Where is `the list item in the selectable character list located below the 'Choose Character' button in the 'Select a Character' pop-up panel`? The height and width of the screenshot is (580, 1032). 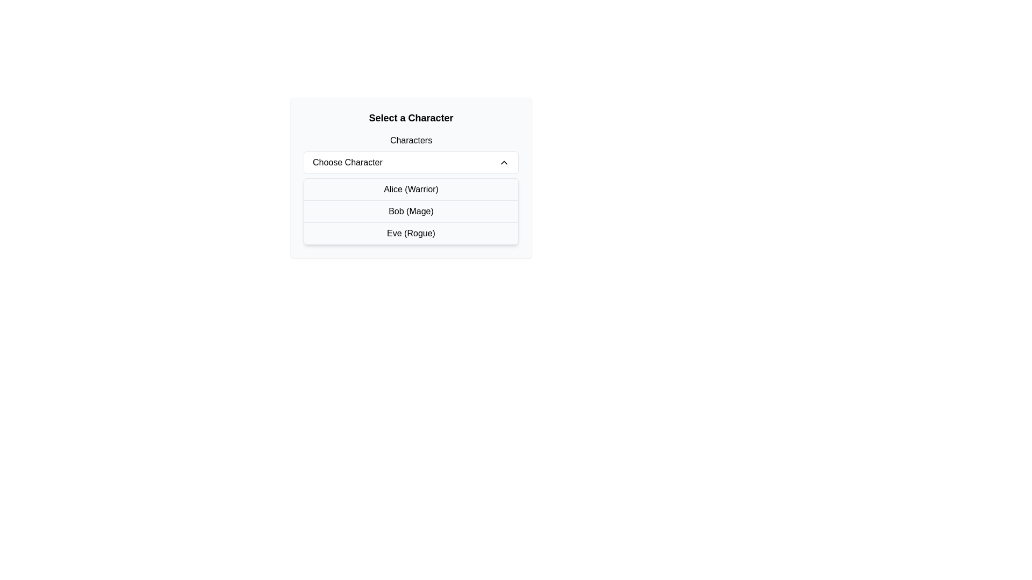 the list item in the selectable character list located below the 'Choose Character' button in the 'Select a Character' pop-up panel is located at coordinates (410, 211).